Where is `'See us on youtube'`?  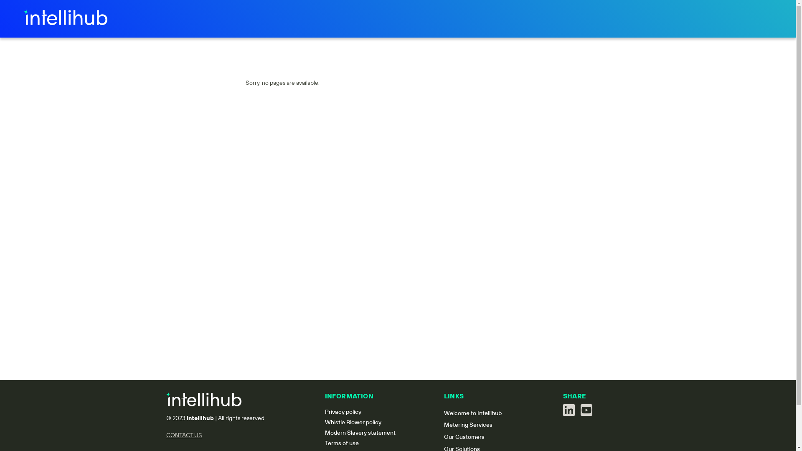
'See us on youtube' is located at coordinates (586, 412).